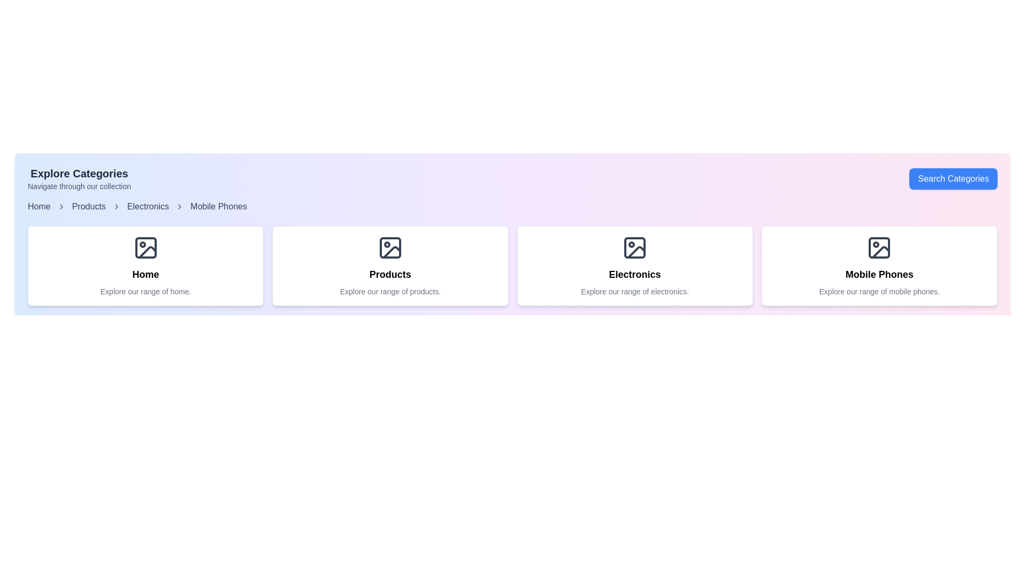  I want to click on the chevron icon used as a separator in the breadcrumb navigation between 'Electronics' and 'Mobile Phones', so click(180, 206).